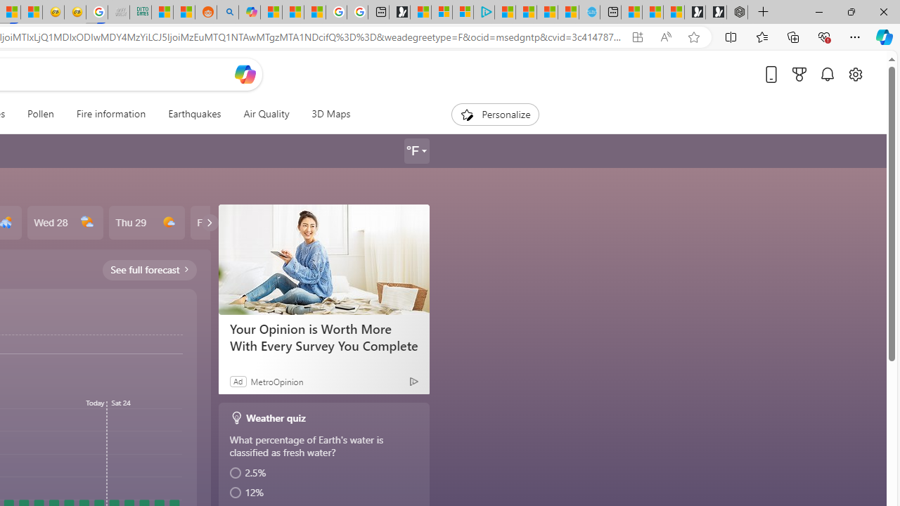 This screenshot has width=900, height=506. What do you see at coordinates (761, 36) in the screenshot?
I see `'Favorites'` at bounding box center [761, 36].